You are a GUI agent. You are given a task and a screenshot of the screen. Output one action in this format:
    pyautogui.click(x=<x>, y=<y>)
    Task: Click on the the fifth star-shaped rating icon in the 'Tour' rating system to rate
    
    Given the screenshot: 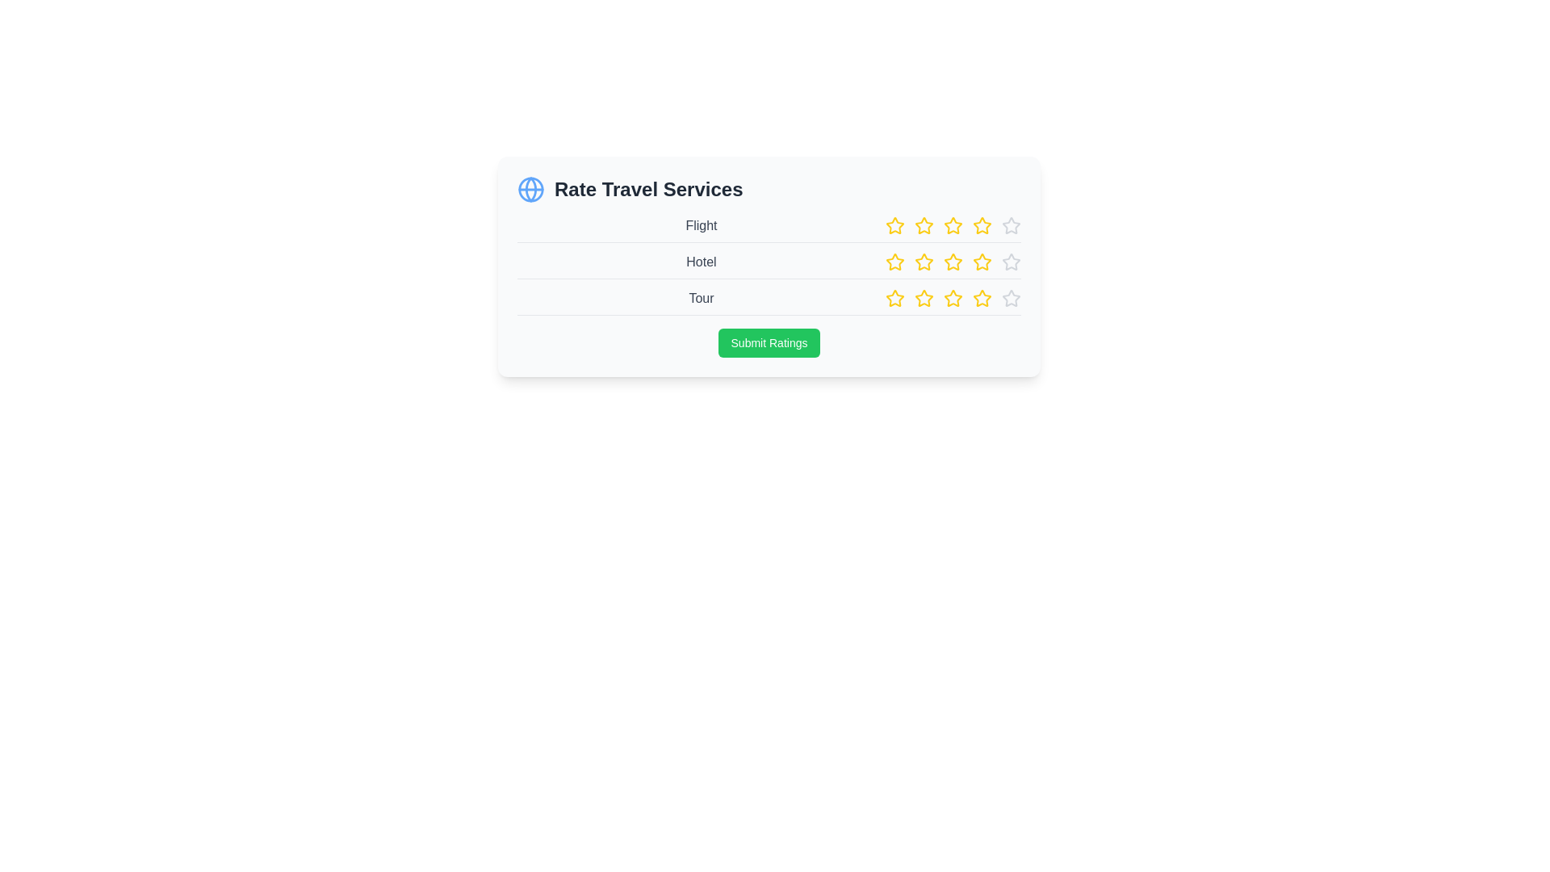 What is the action you would take?
    pyautogui.click(x=1010, y=299)
    